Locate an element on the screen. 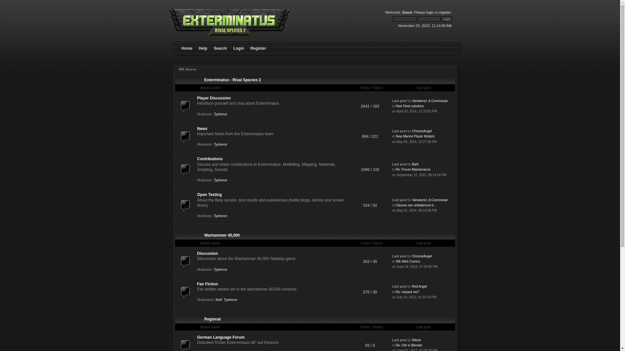 The height and width of the screenshot is (351, 625). 'Re: Forum Maintenance' is located at coordinates (395, 169).